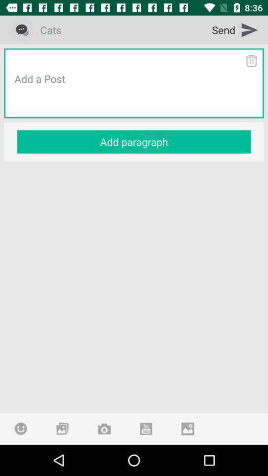 The image size is (268, 476). Describe the element at coordinates (251, 60) in the screenshot. I see `delete text` at that location.